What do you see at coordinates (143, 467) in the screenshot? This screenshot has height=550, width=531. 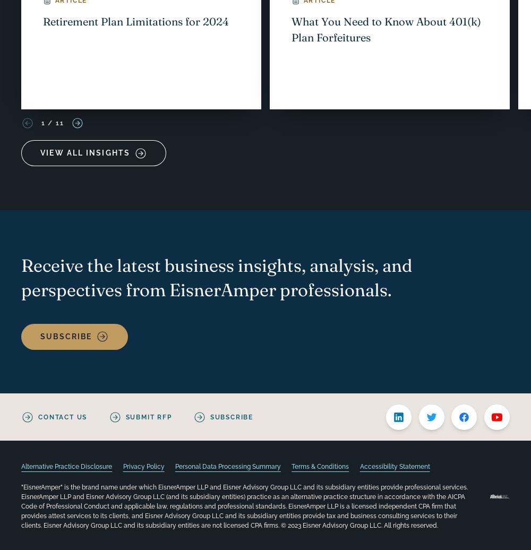 I see `'Privacy Policy'` at bounding box center [143, 467].